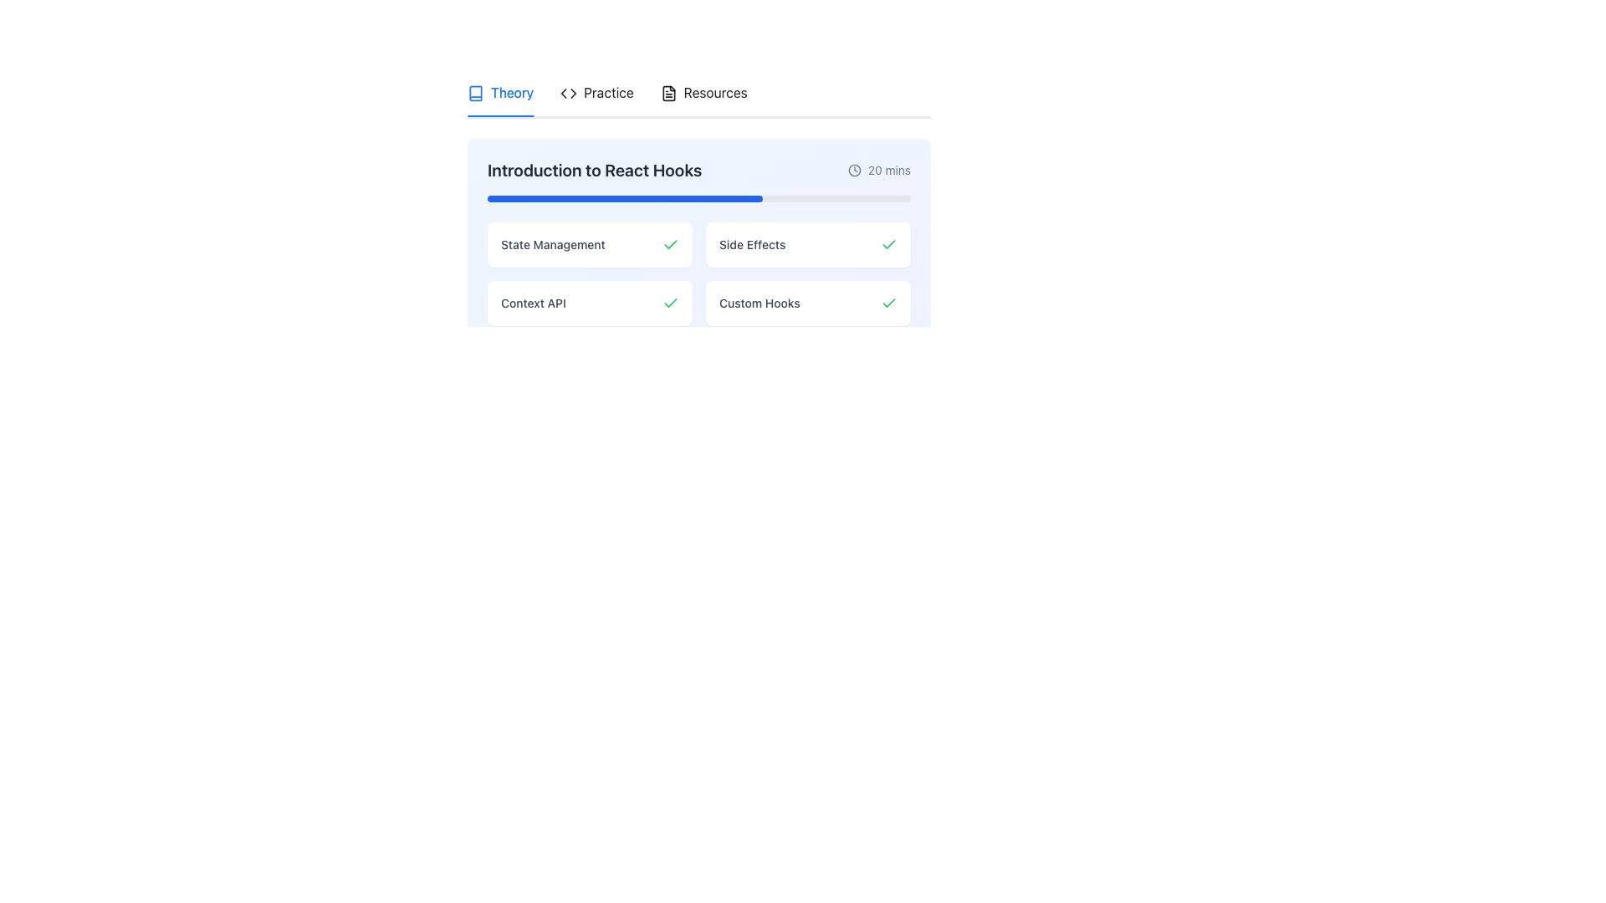 The height and width of the screenshot is (903, 1606). I want to click on the card labeled 'Custom Hooks' in the learning interface that represents a topic or category, so click(808, 304).